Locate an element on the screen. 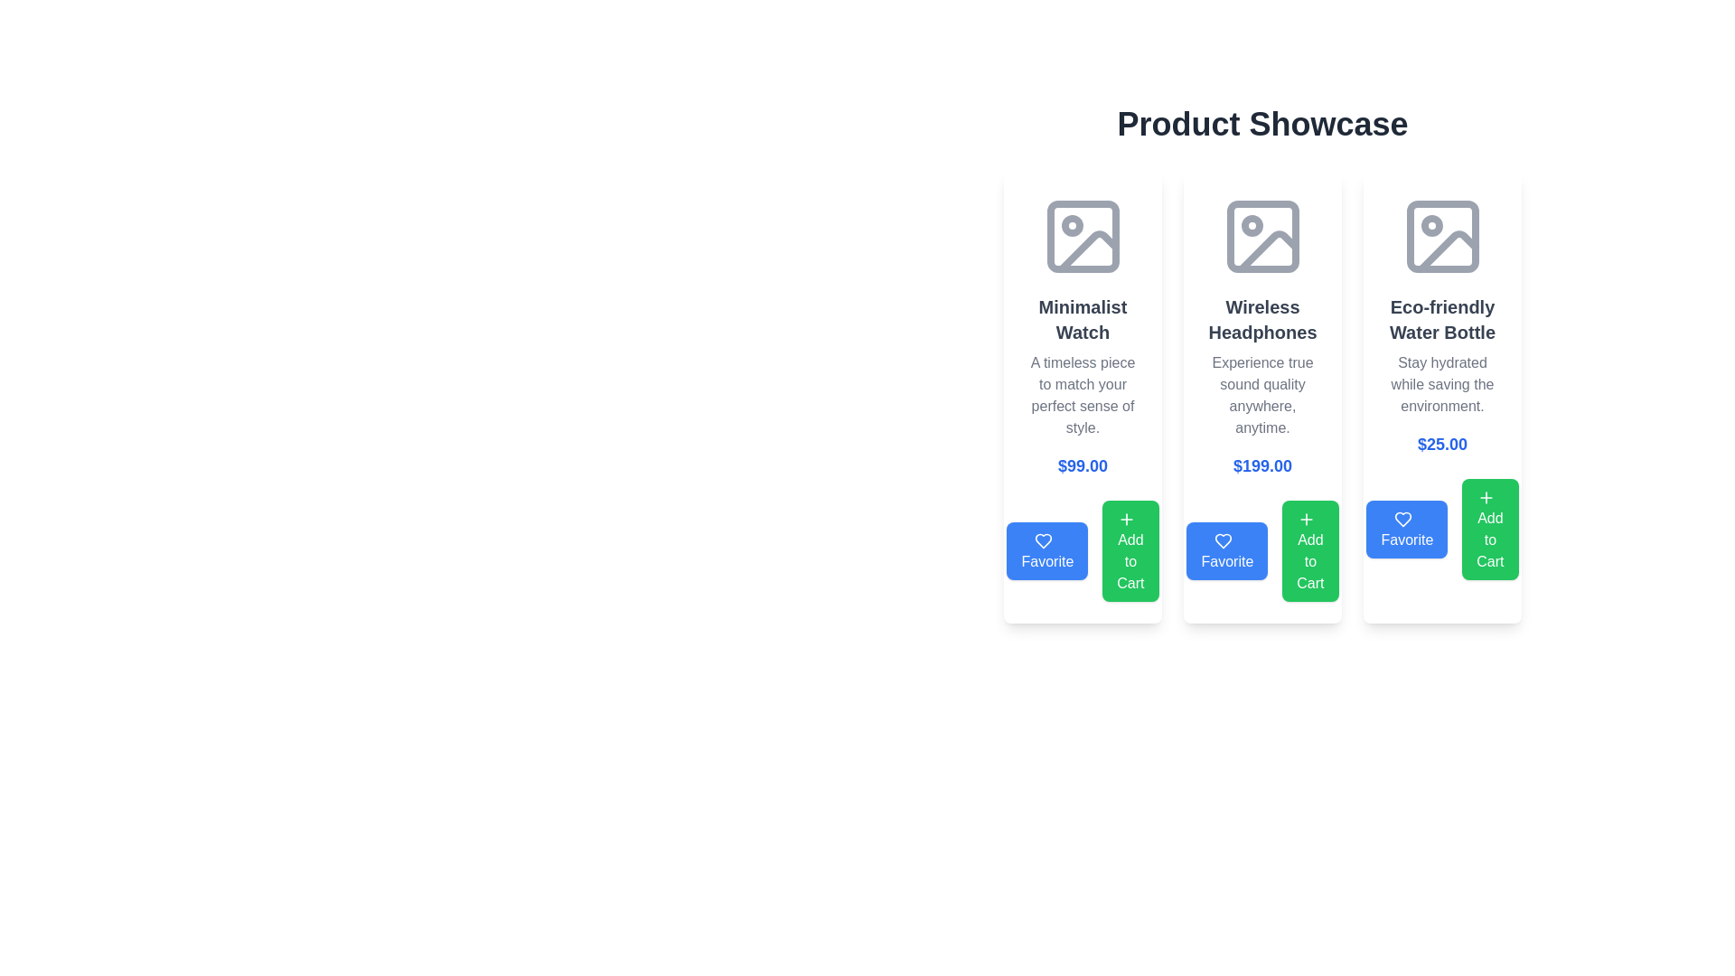 The image size is (1735, 976). the image placeholder icon that resembles a mountain with a sun, located at the top of the 'Minimalist Watch' card is located at coordinates (1083, 236).